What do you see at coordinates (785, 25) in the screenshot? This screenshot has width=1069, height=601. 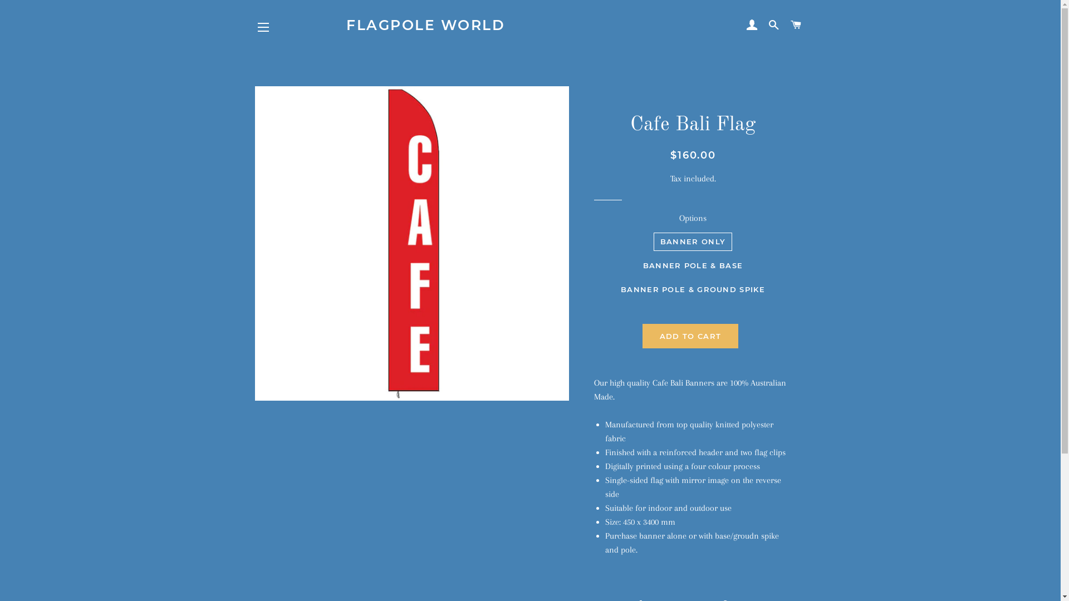 I see `'CART'` at bounding box center [785, 25].